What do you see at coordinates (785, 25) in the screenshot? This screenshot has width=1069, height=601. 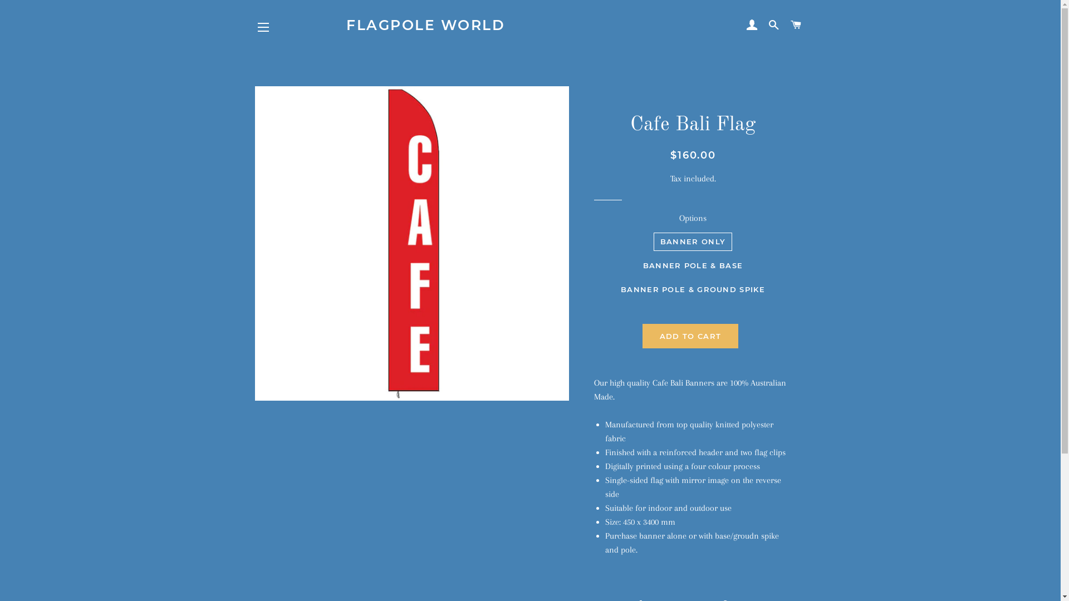 I see `'CART'` at bounding box center [785, 25].